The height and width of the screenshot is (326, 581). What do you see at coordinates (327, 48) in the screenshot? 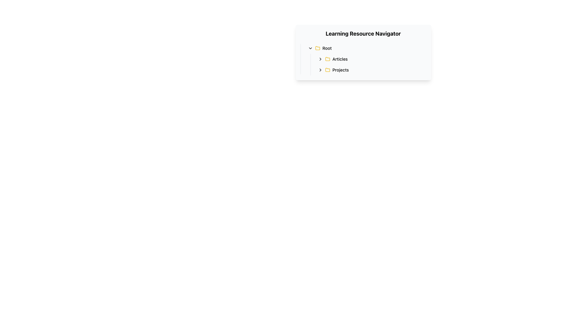
I see `the text label element displaying 'Root' that serves as an identifier within the hierarchical interface structure` at bounding box center [327, 48].